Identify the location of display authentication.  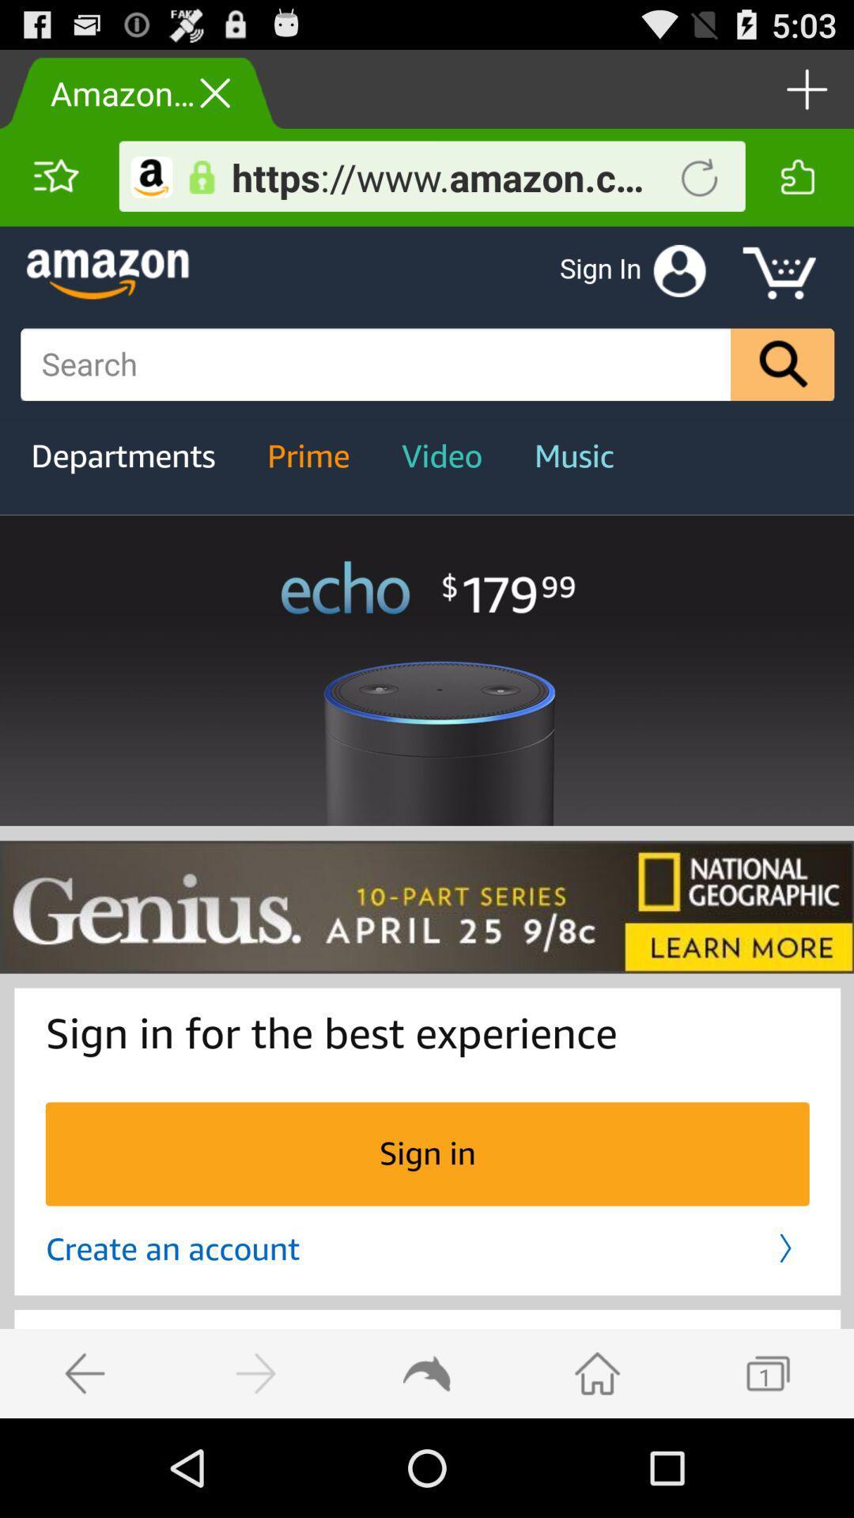
(201, 177).